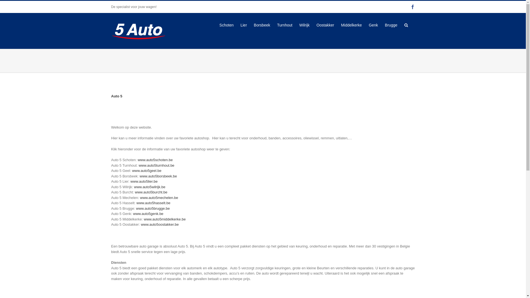 The width and height of the screenshot is (530, 298). What do you see at coordinates (406, 24) in the screenshot?
I see `'Search'` at bounding box center [406, 24].